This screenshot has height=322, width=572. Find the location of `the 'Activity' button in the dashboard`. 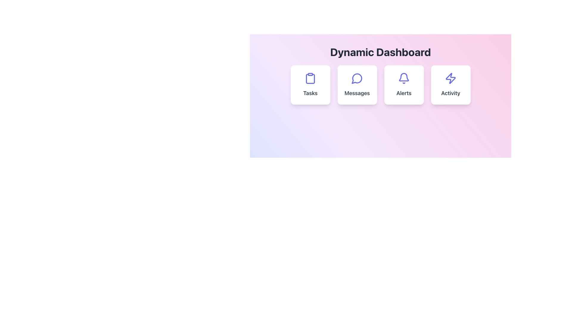

the 'Activity' button in the dashboard is located at coordinates (450, 85).